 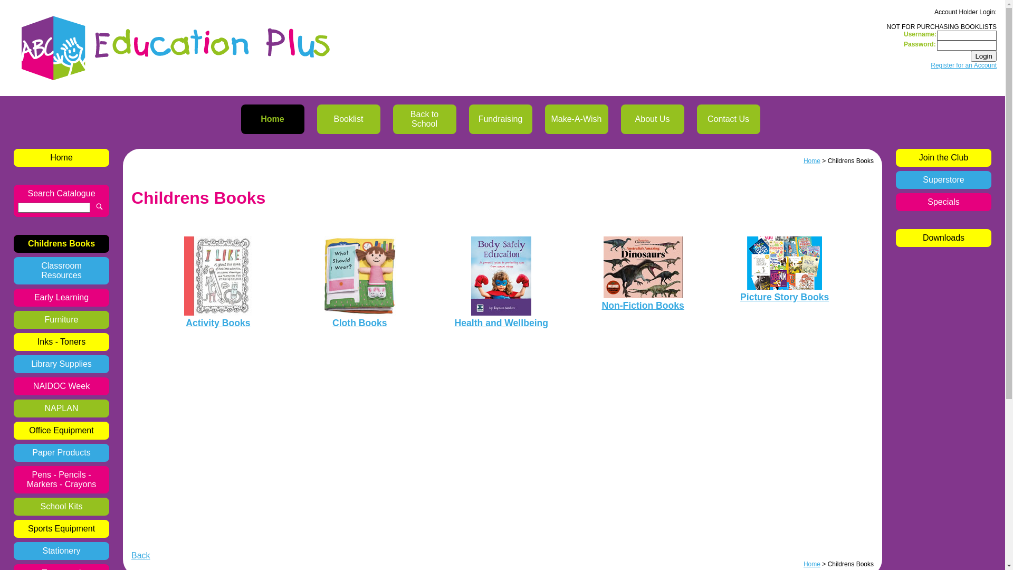 I want to click on 'Back to School', so click(x=424, y=119).